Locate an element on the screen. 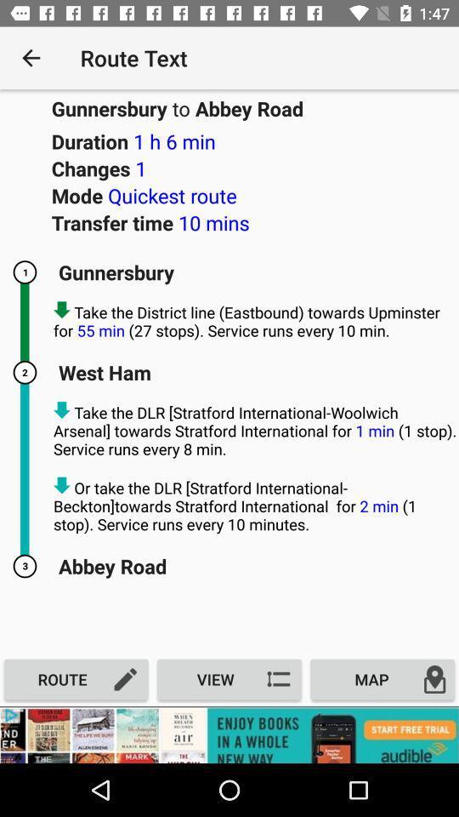  the option which is beside route is located at coordinates (229, 679).